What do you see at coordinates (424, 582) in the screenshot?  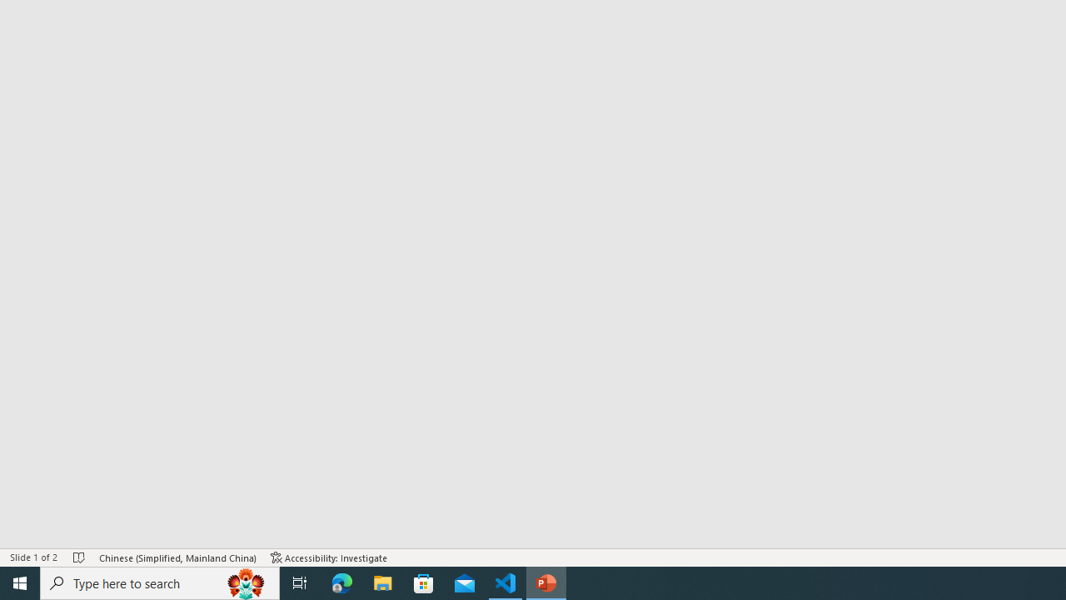 I see `'Microsoft Store'` at bounding box center [424, 582].